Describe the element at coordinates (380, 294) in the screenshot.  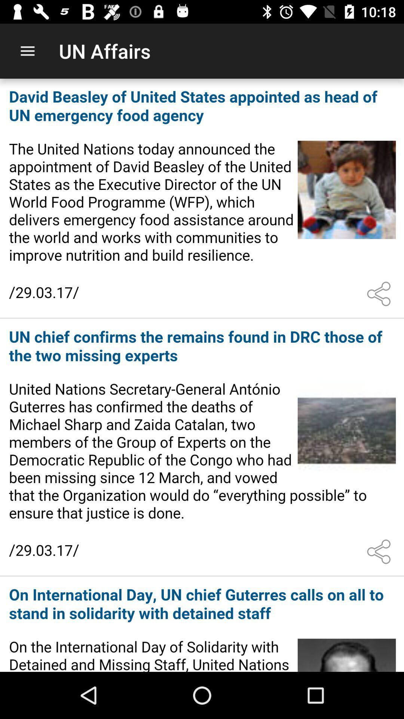
I see `the share icon` at that location.